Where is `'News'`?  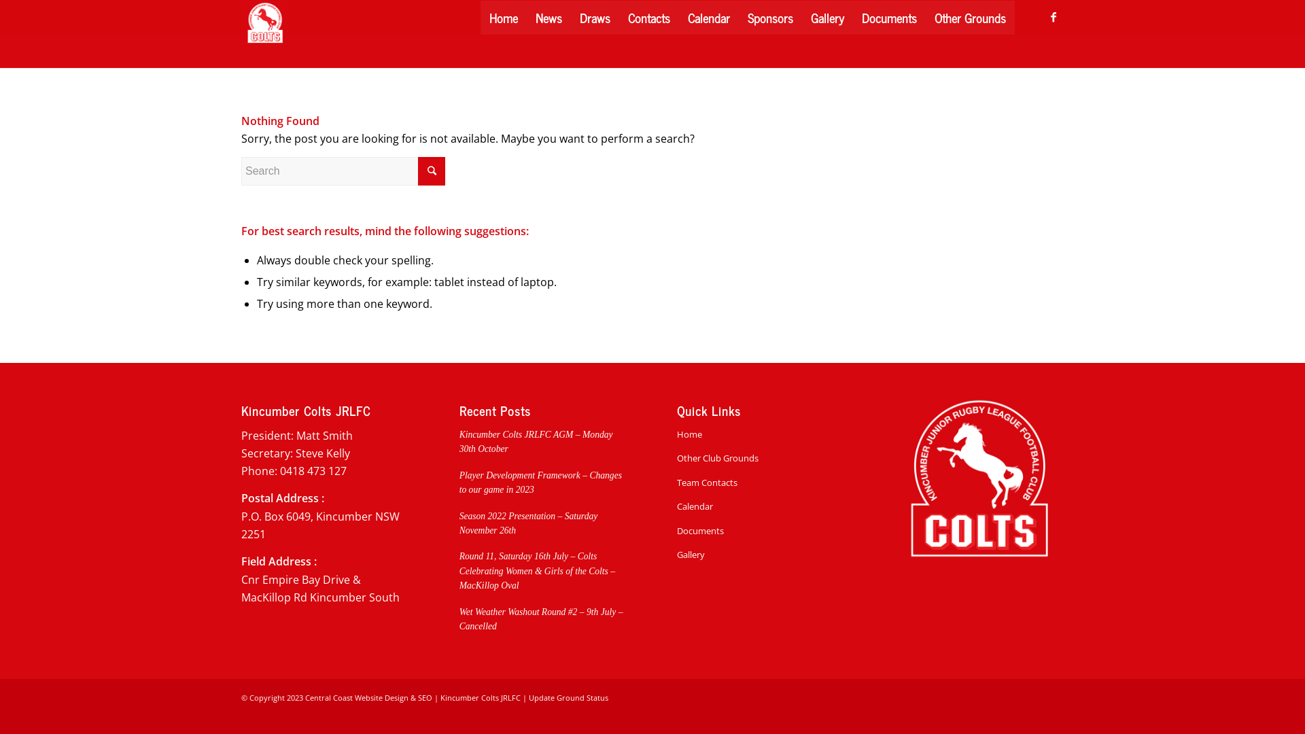 'News' is located at coordinates (549, 18).